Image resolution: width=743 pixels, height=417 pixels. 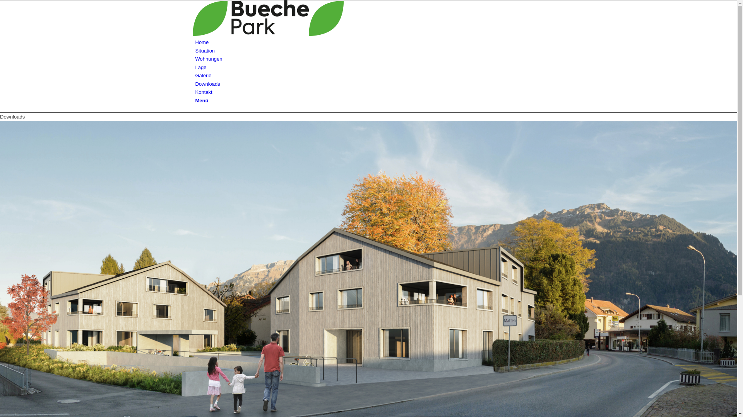 I want to click on 'Home', so click(x=202, y=42).